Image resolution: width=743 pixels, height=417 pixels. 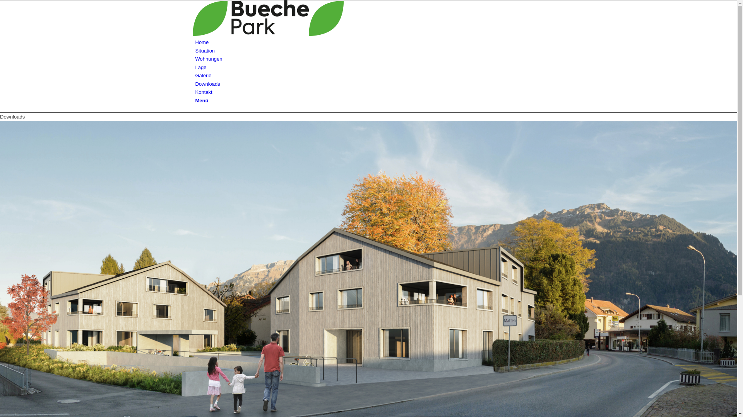 I want to click on 'Home', so click(x=202, y=42).